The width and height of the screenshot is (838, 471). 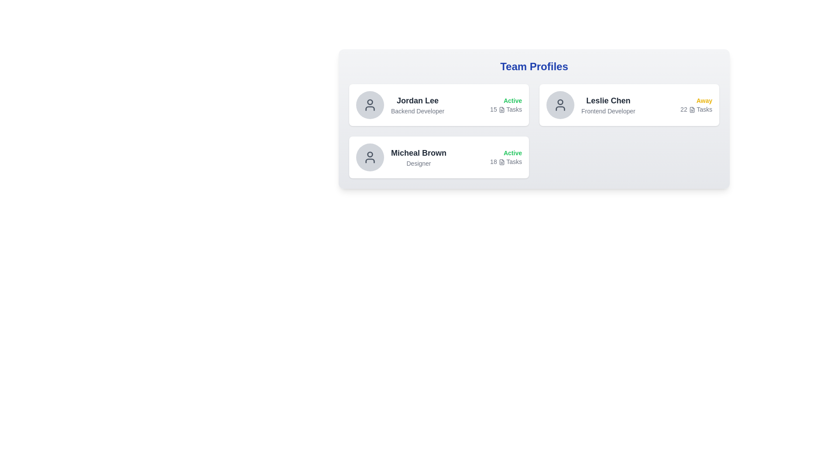 I want to click on text content of the title descriptor located below the name 'Micheal Brown' in the profile card, so click(x=418, y=163).